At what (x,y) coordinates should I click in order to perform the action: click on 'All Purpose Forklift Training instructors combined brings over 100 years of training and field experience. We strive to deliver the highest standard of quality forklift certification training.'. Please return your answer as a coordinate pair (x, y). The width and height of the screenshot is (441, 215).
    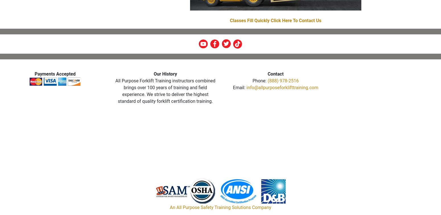
    Looking at the image, I should click on (165, 91).